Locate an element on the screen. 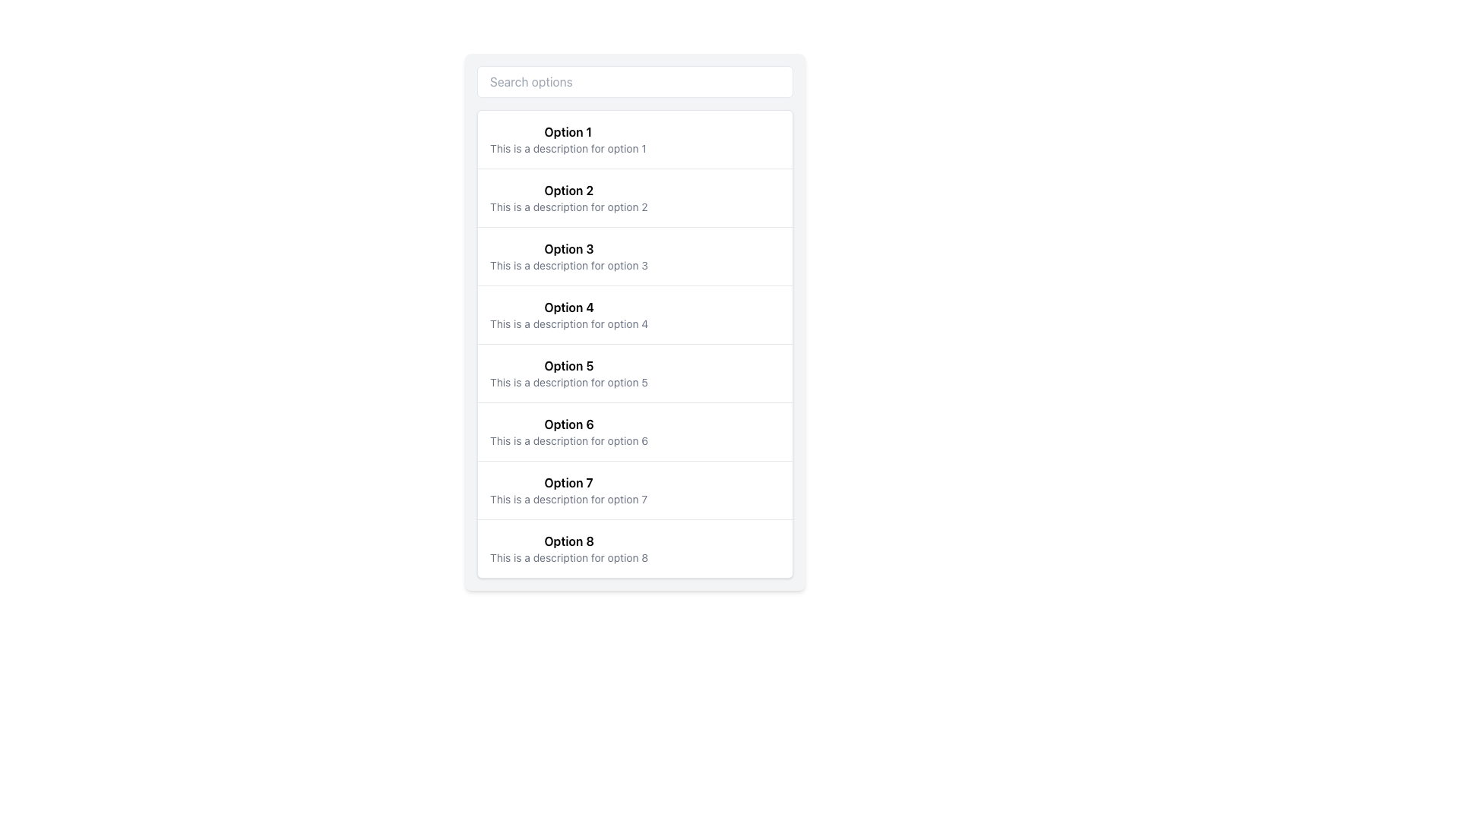  the List Item displaying 'Option 2' with bold black text and a description in smaller gray text is located at coordinates (568, 197).